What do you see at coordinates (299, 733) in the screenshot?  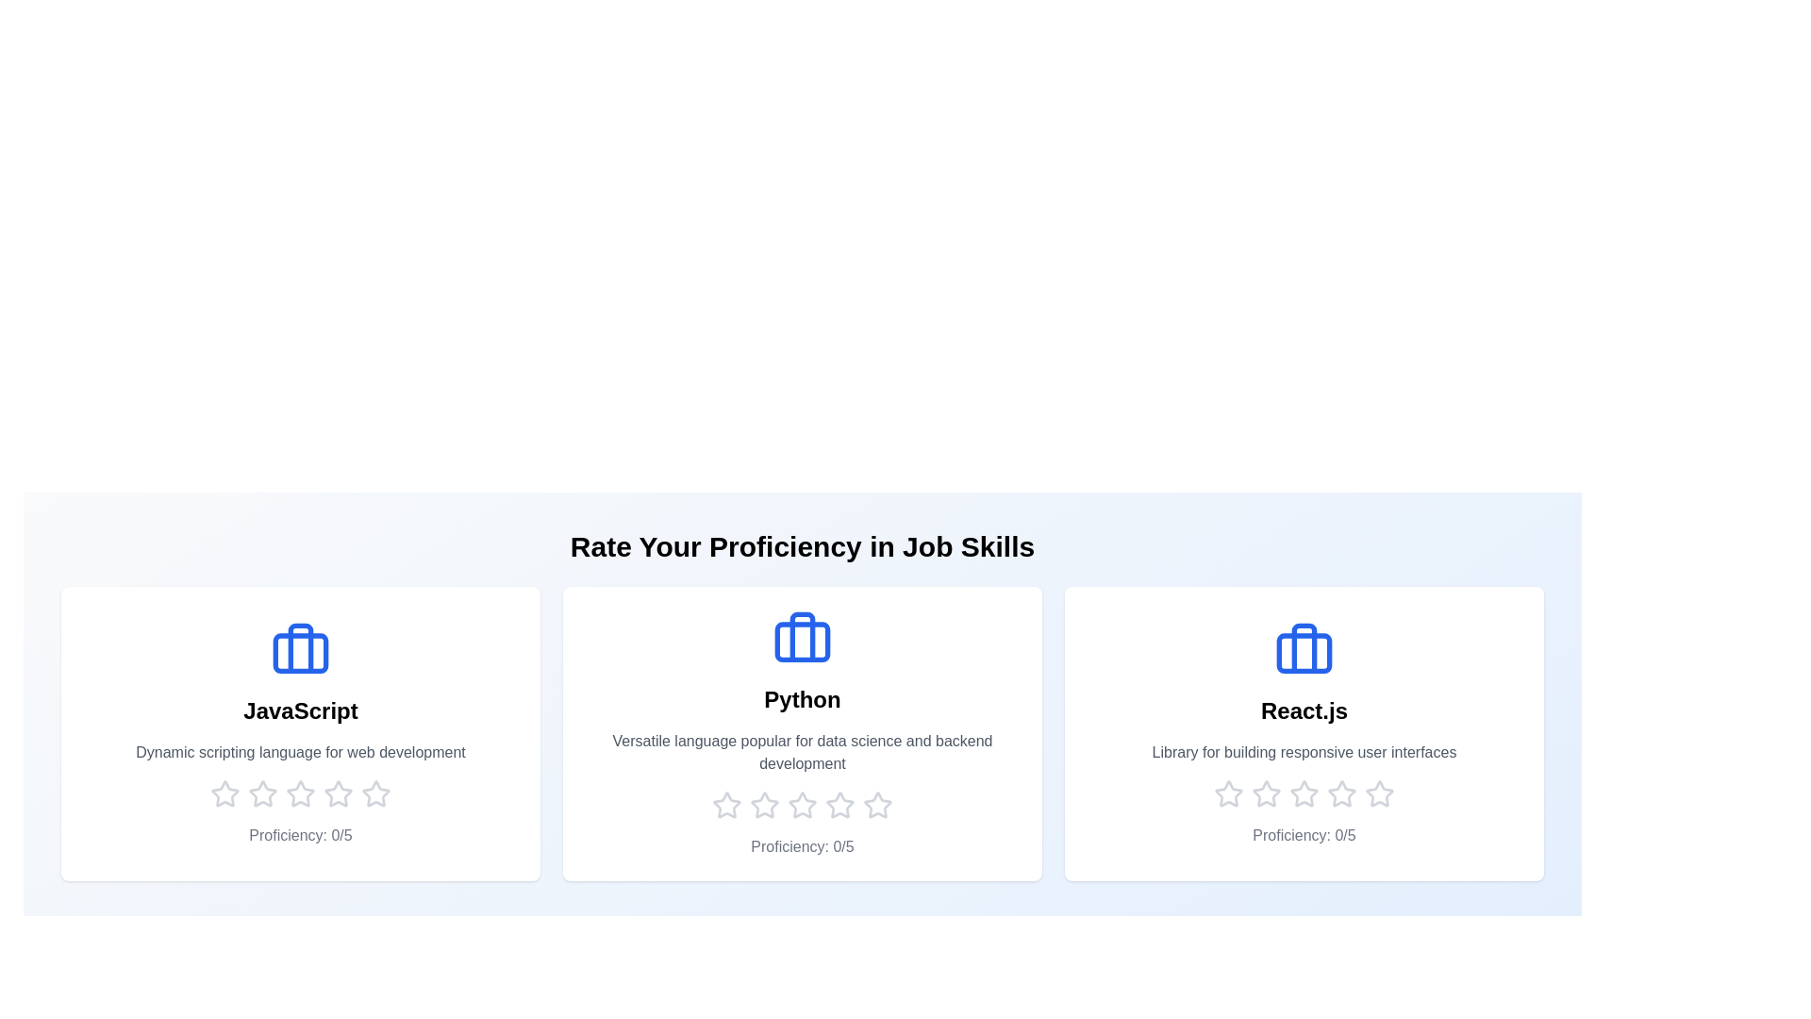 I see `the skill card for JavaScript to see its hover effect` at bounding box center [299, 733].